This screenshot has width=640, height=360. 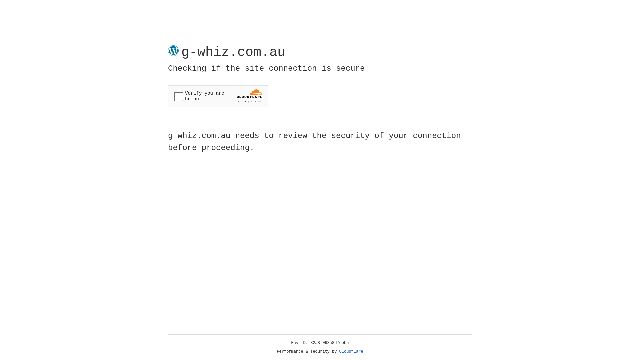 I want to click on 'Widget containing a Cloudflare security challenge', so click(x=218, y=96).